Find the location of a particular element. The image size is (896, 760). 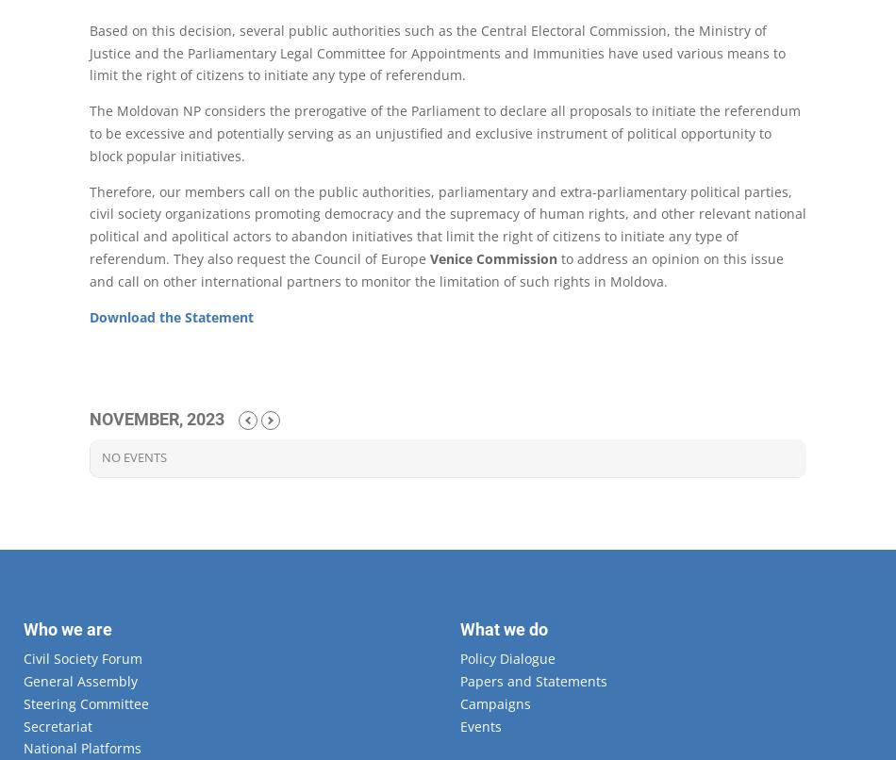

'Papers and Statements' is located at coordinates (532, 680).